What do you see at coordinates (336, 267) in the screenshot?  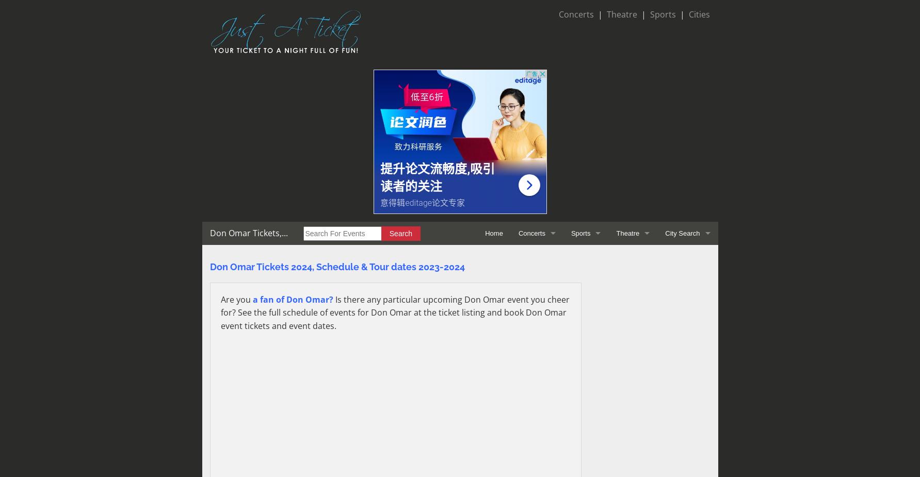 I see `'Don Omar Tickets 2024, Schedule & Tour dates 2023-2024'` at bounding box center [336, 267].